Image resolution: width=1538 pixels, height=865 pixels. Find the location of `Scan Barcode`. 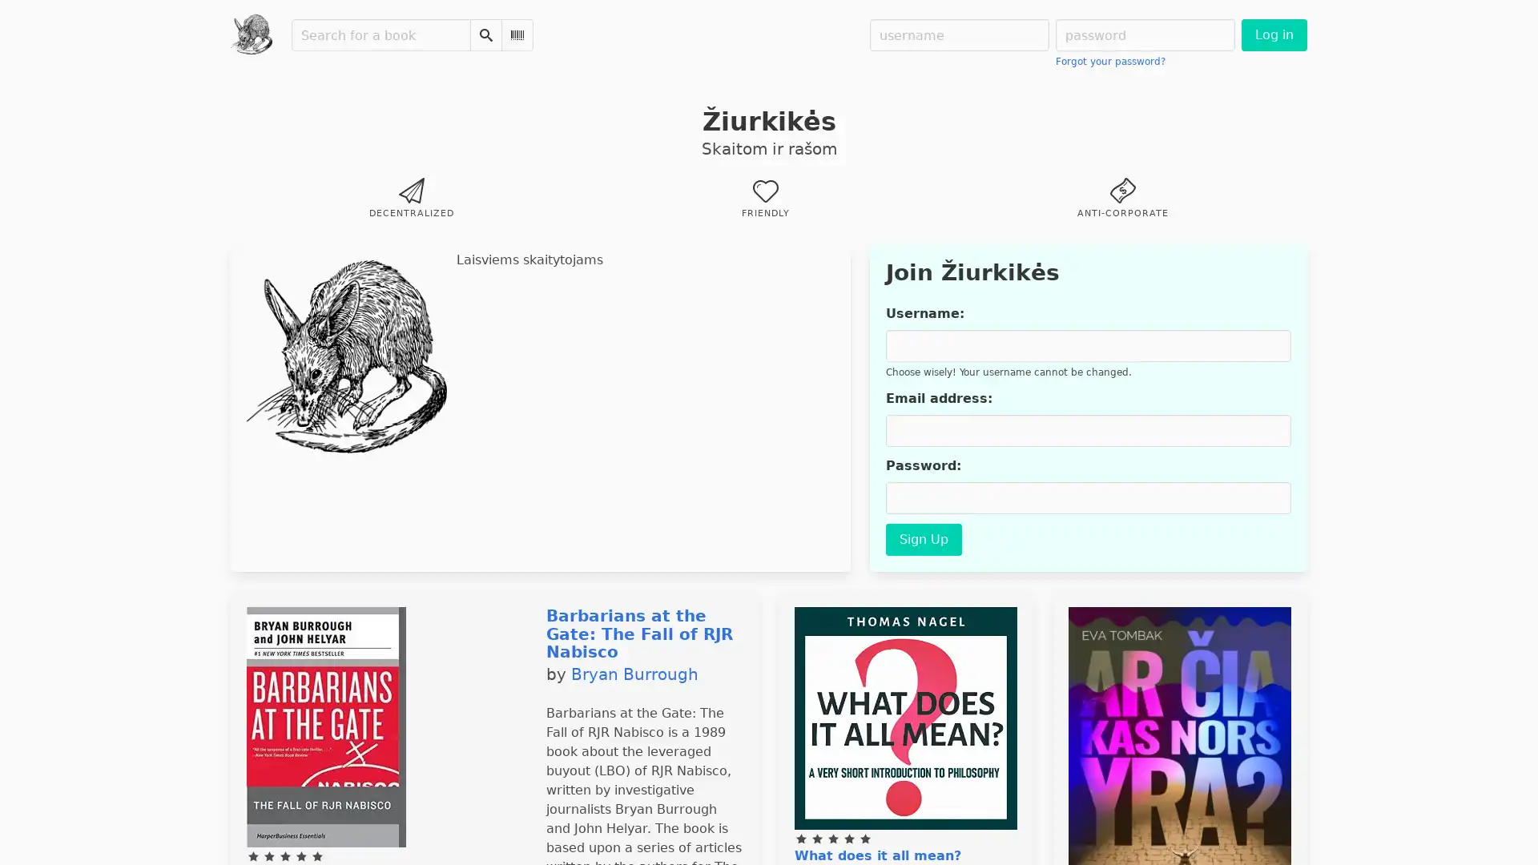

Scan Barcode is located at coordinates (516, 34).